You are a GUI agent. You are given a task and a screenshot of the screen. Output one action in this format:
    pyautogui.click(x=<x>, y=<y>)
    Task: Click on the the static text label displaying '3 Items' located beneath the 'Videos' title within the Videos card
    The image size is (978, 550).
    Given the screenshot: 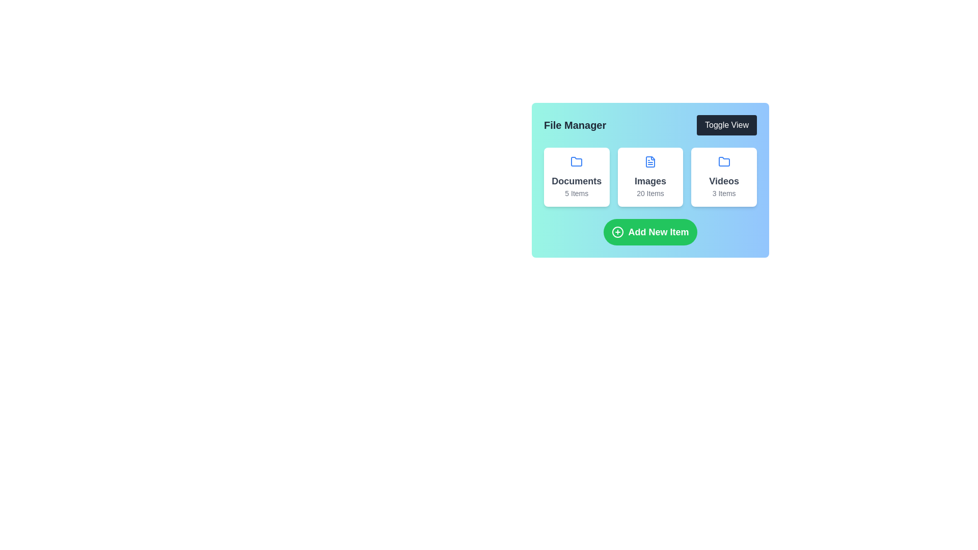 What is the action you would take?
    pyautogui.click(x=723, y=194)
    